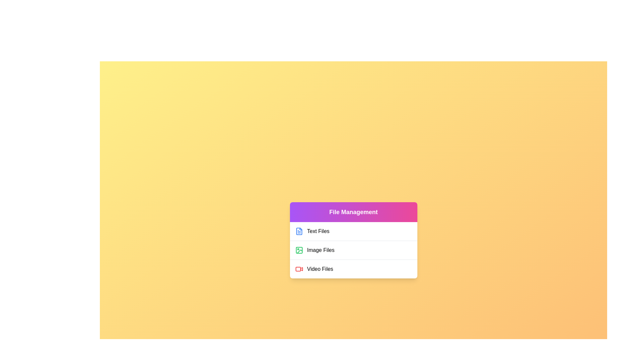  What do you see at coordinates (353, 231) in the screenshot?
I see `the file category Text Files to observe the visual feedback` at bounding box center [353, 231].